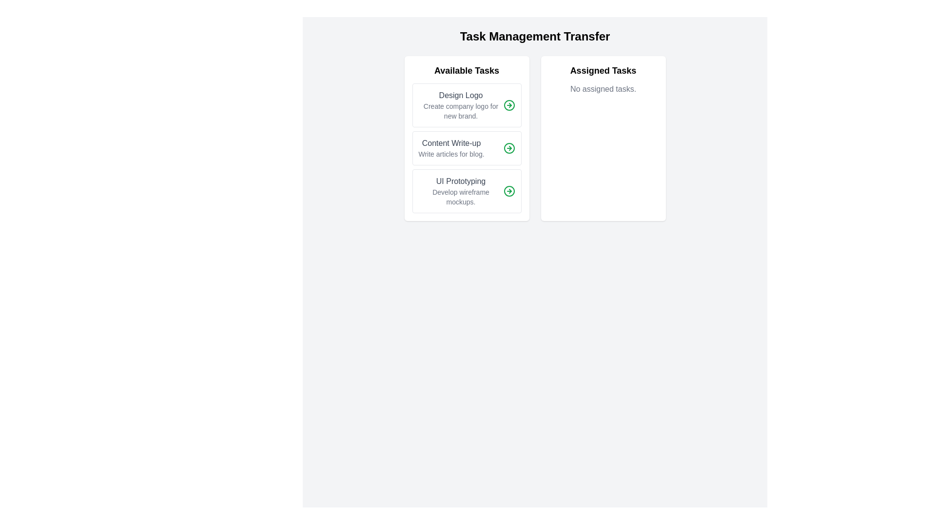 The image size is (936, 527). Describe the element at coordinates (460, 110) in the screenshot. I see `text content of the label providing additional details about the task 'Design Logo' located in the 'Available Tasks' section, directly under the 'Design Logo' header` at that location.